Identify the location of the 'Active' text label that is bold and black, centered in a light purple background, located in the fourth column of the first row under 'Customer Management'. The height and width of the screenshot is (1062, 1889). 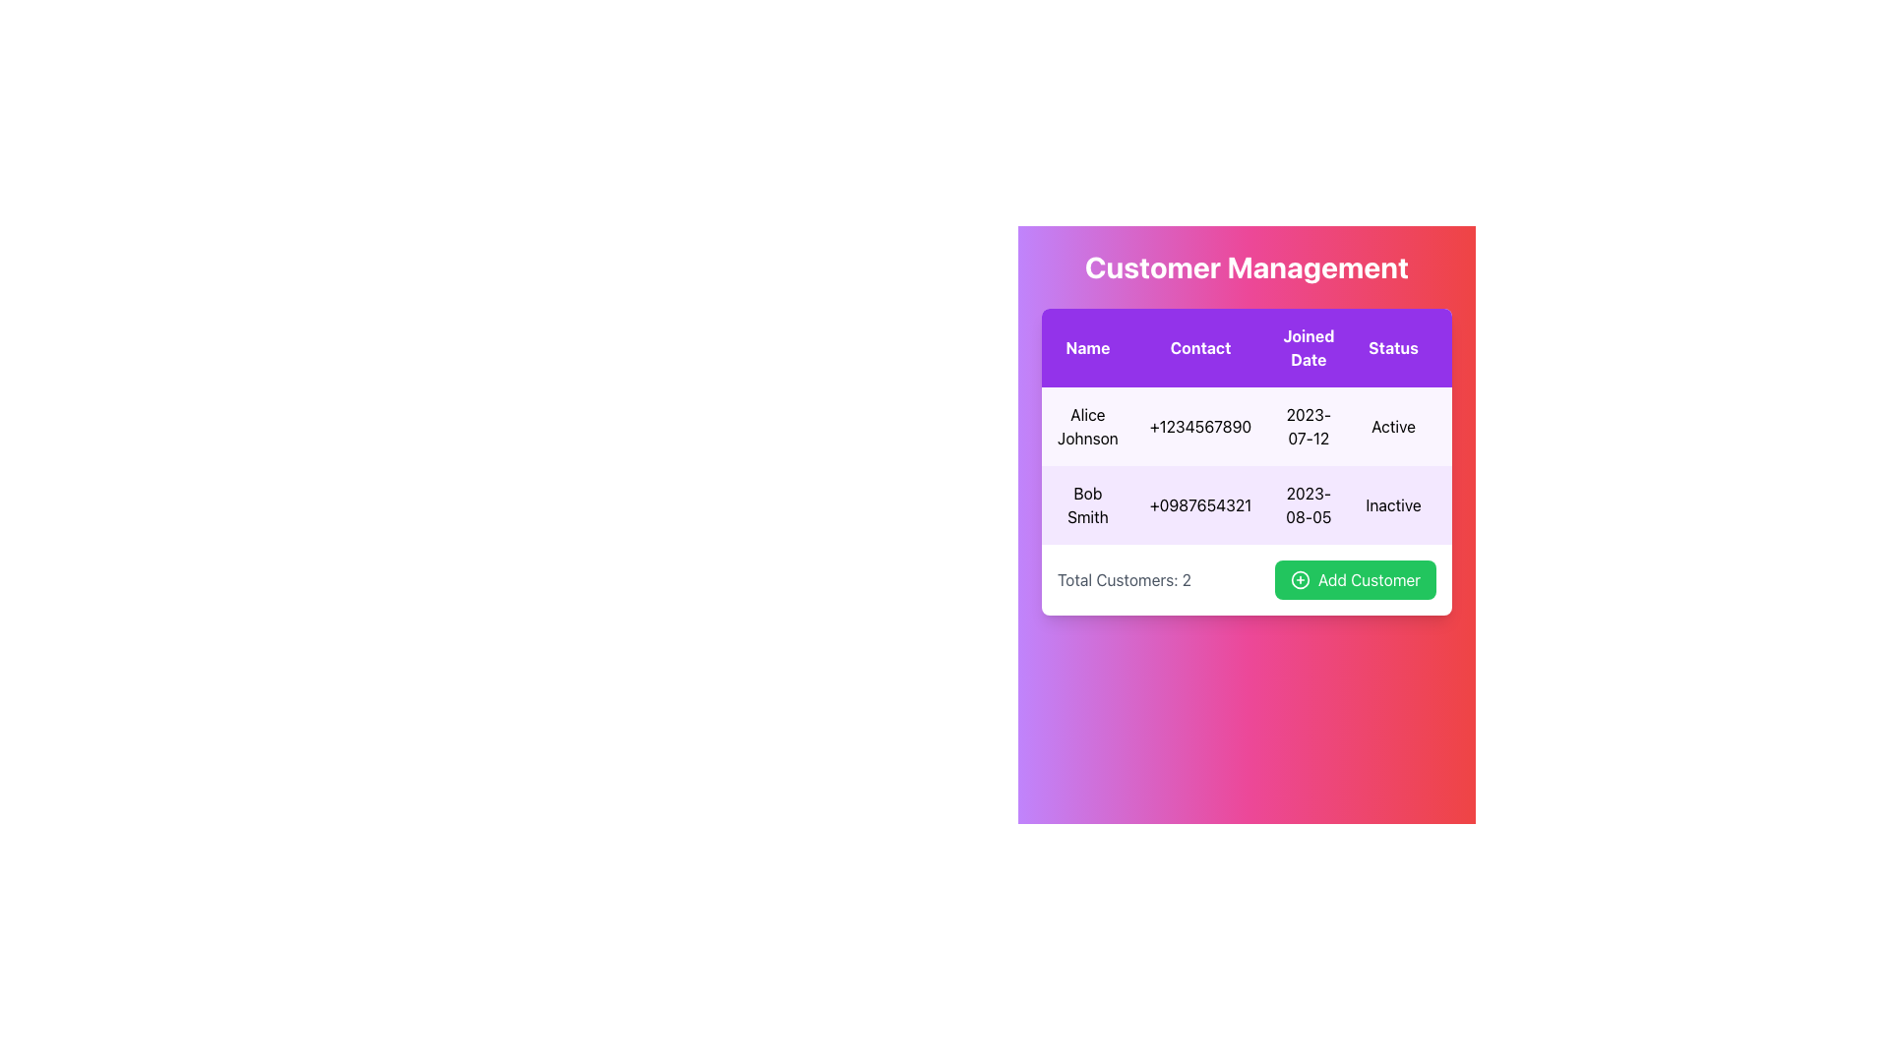
(1392, 426).